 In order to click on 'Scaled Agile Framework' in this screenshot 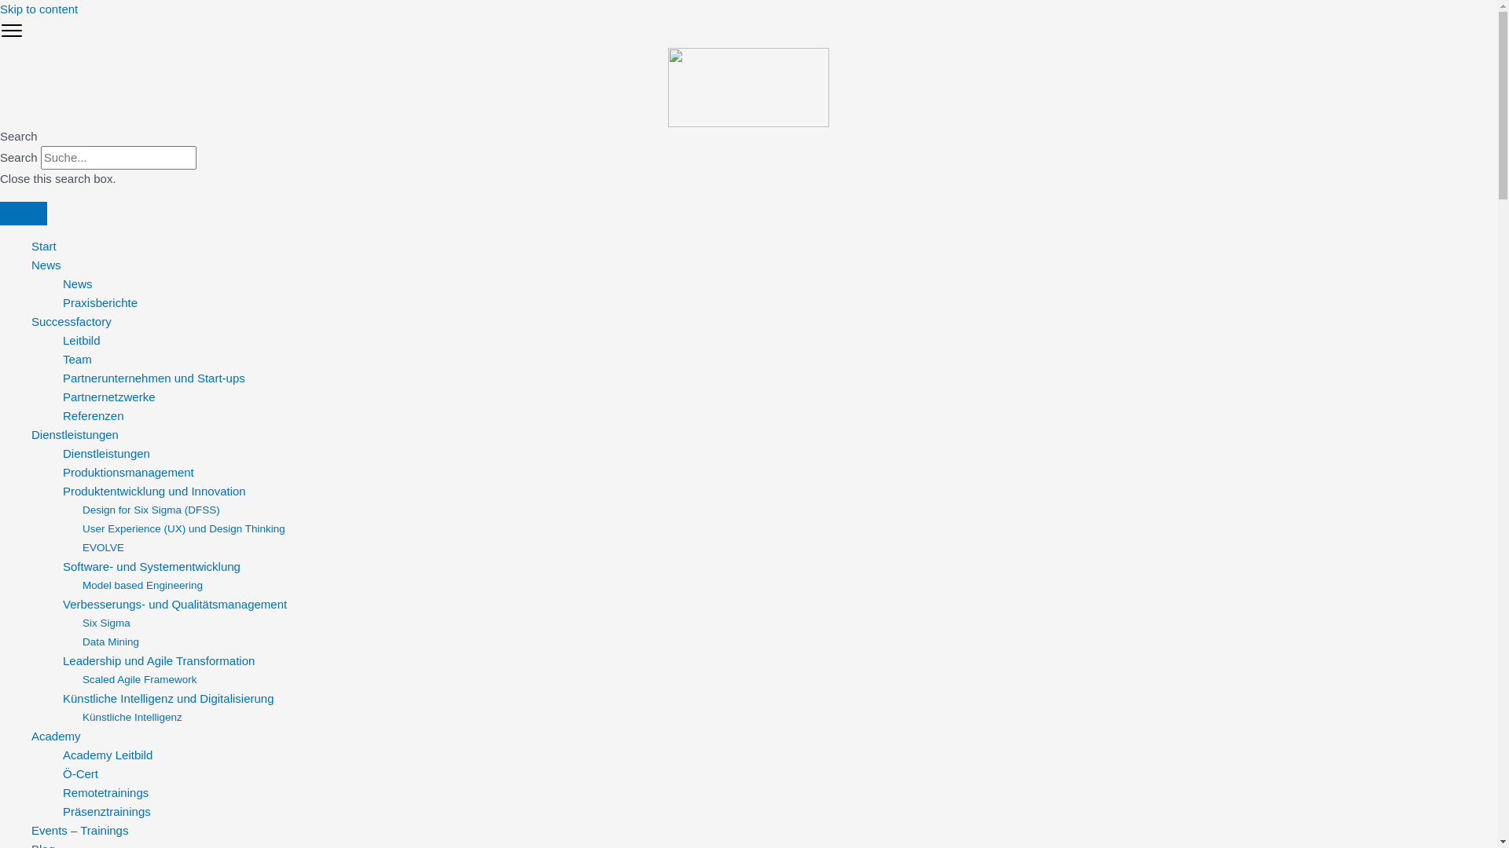, I will do `click(139, 678)`.